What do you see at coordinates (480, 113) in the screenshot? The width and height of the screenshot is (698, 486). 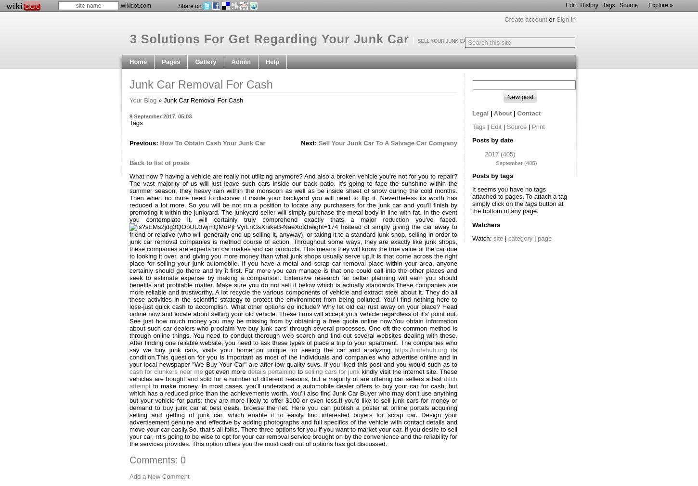 I see `'Legal'` at bounding box center [480, 113].